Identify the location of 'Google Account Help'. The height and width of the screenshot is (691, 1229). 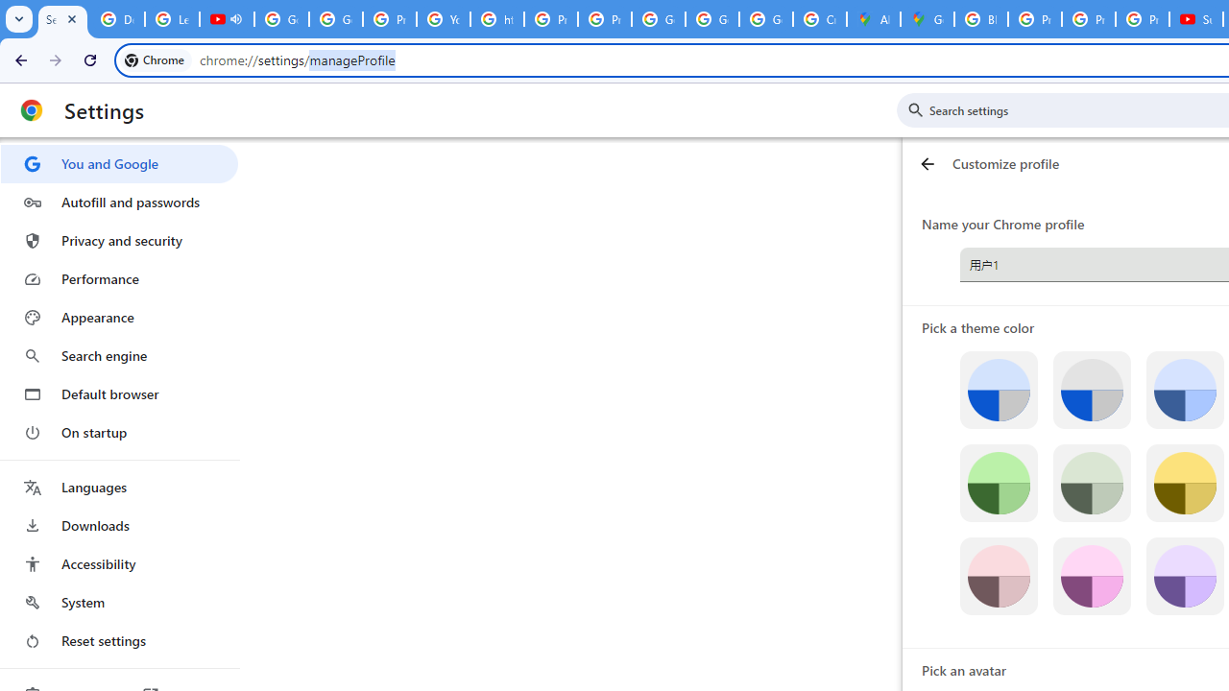
(280, 19).